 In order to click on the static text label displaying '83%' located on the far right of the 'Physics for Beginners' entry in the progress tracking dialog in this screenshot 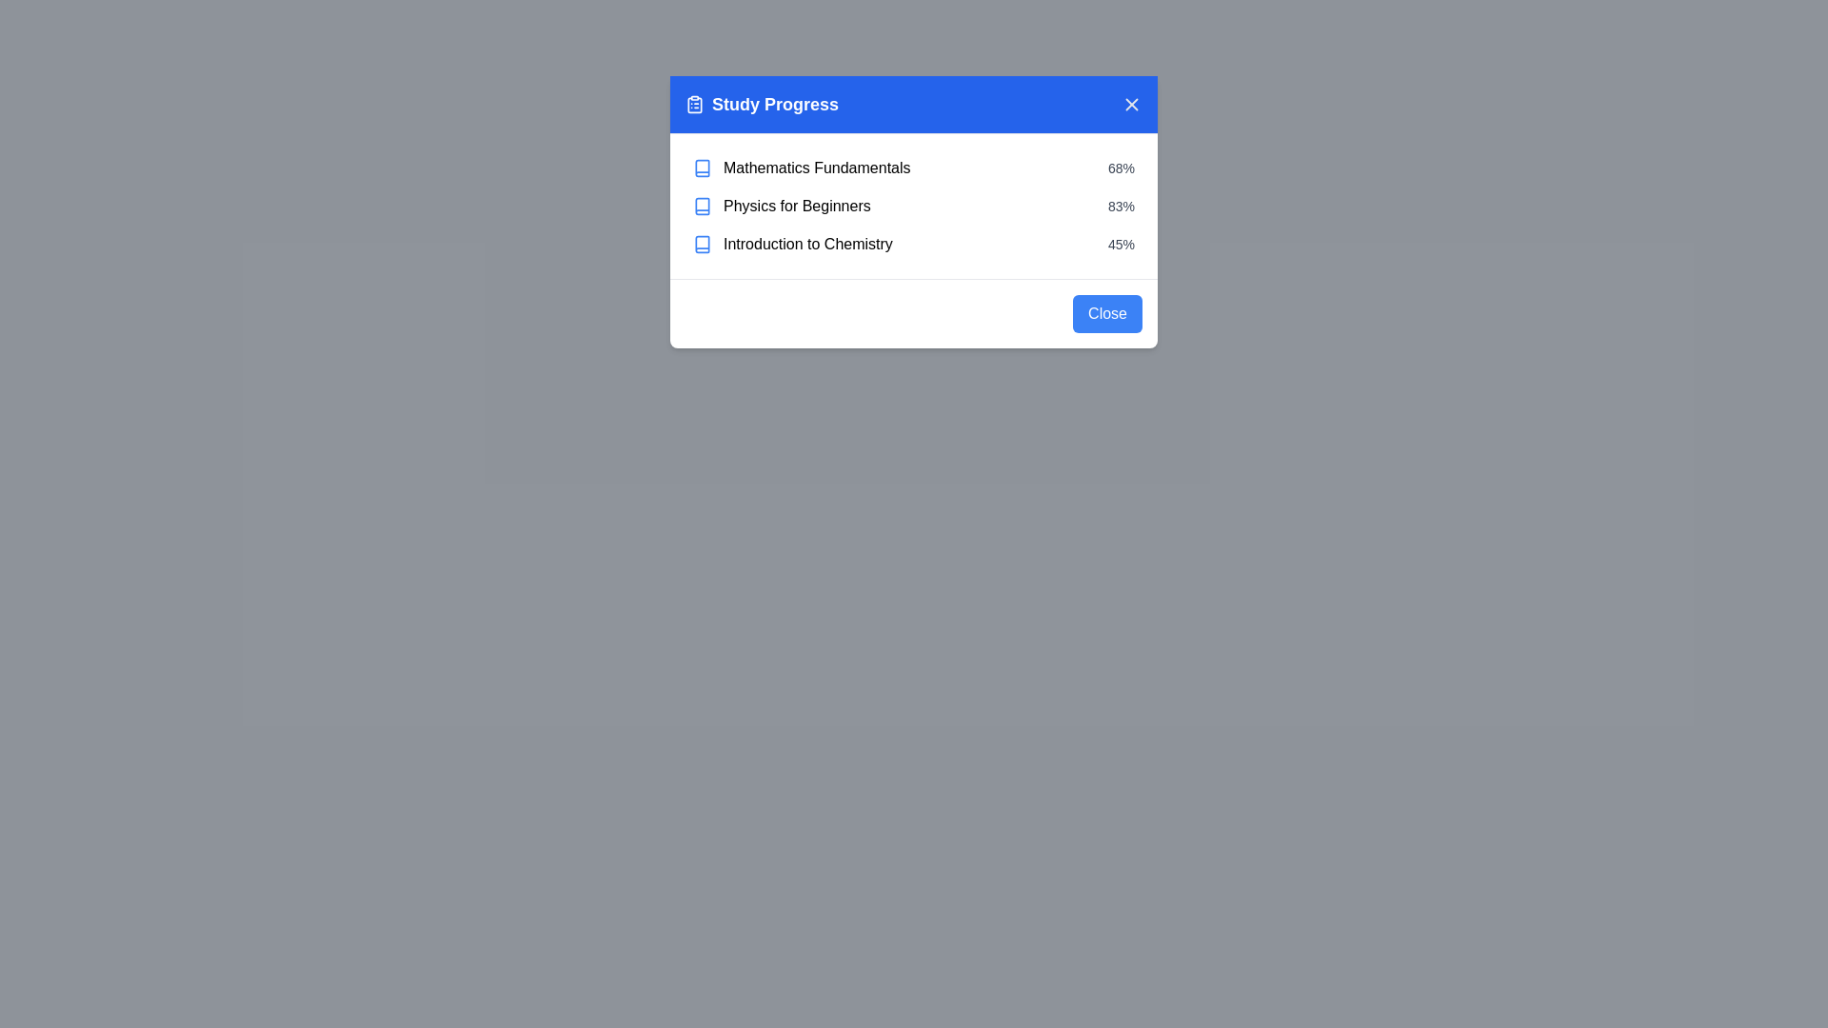, I will do `click(1121, 206)`.